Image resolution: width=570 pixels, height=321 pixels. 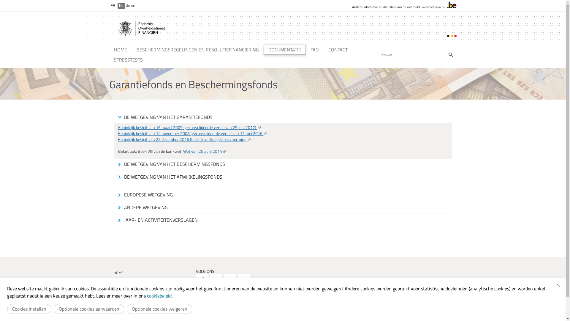 What do you see at coordinates (216, 280) in the screenshot?
I see `'Twitter'` at bounding box center [216, 280].